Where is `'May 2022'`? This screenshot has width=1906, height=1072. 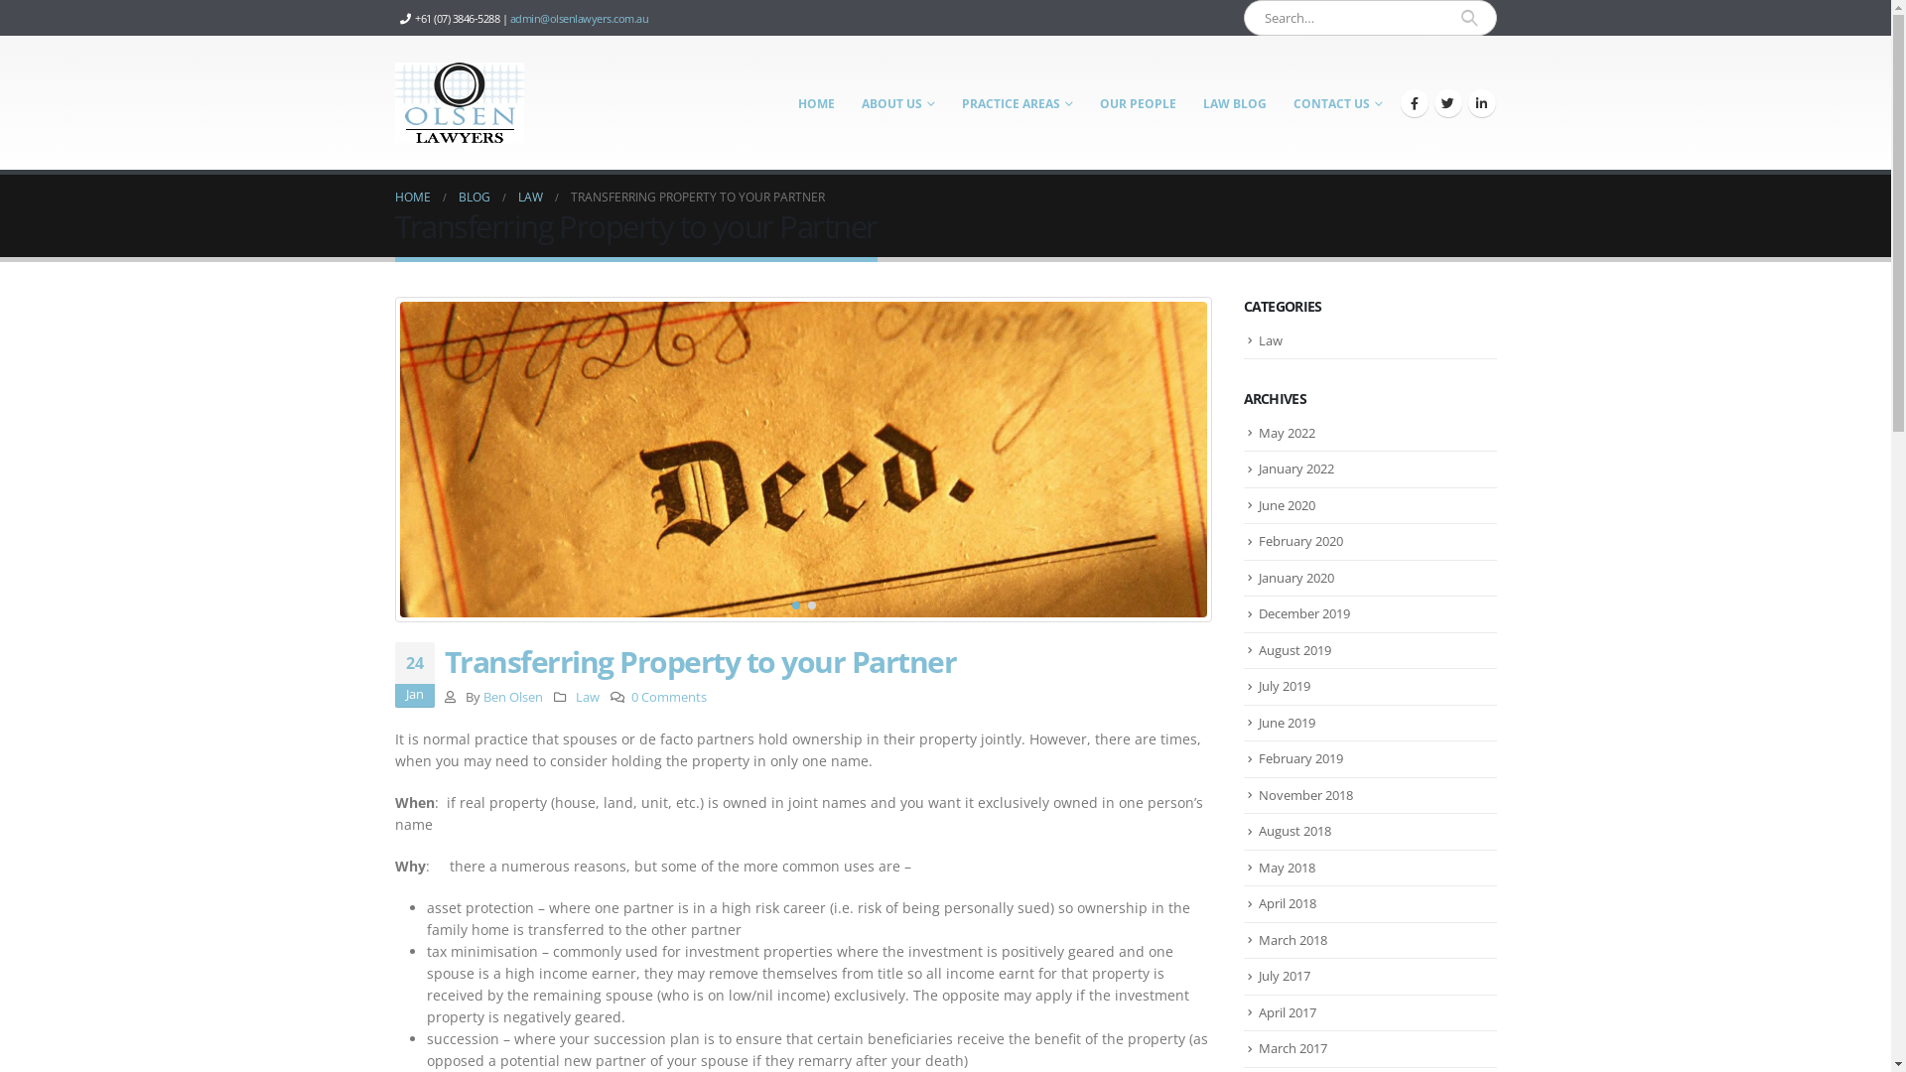
'May 2022' is located at coordinates (1287, 431).